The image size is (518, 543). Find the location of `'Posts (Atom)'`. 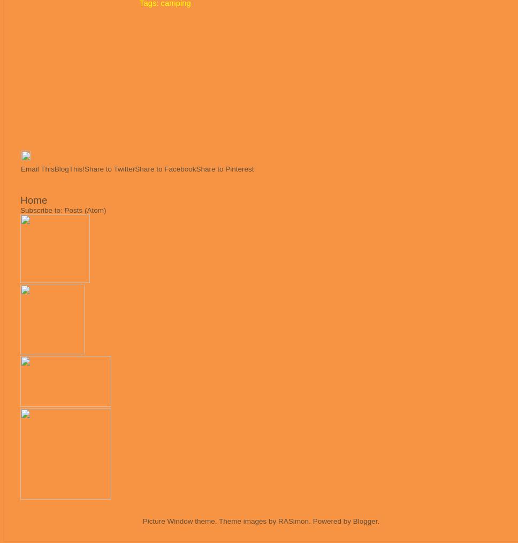

'Posts (Atom)' is located at coordinates (85, 210).